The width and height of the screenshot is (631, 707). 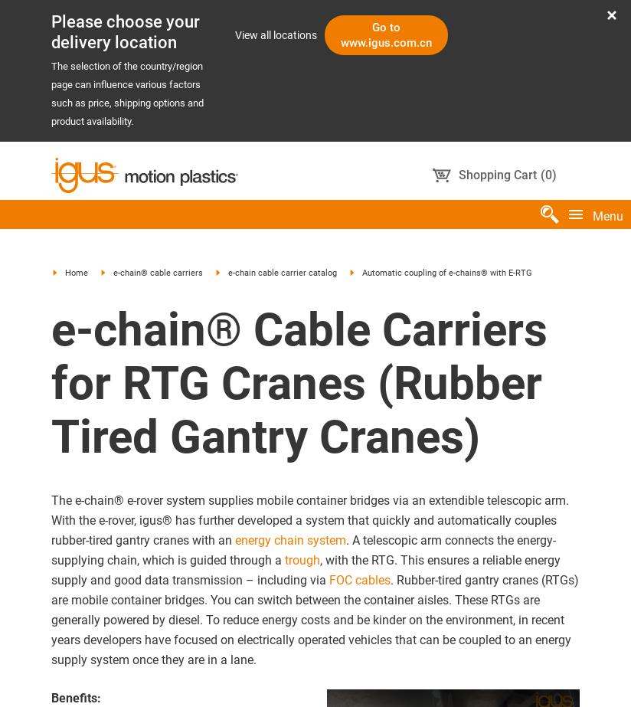 I want to click on 'Shopping Cart', so click(x=496, y=175).